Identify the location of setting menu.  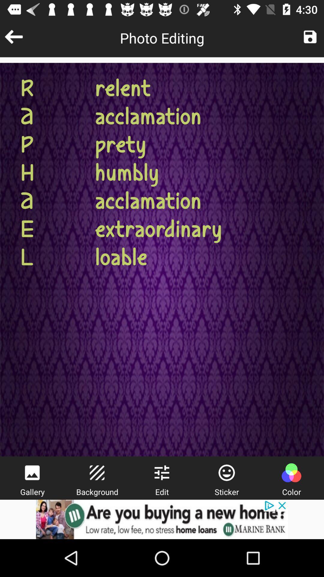
(161, 472).